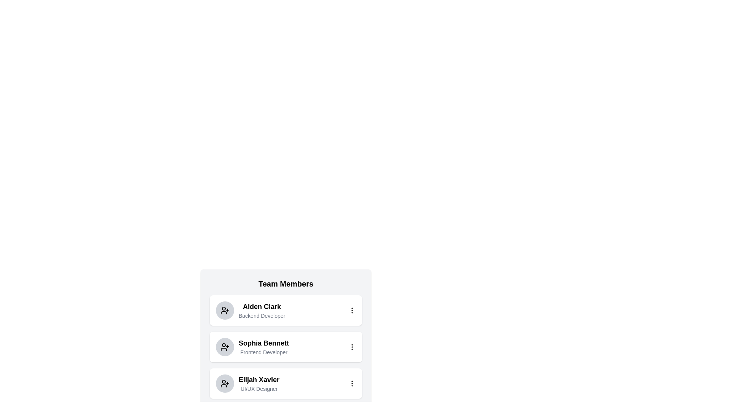  What do you see at coordinates (352, 347) in the screenshot?
I see `the menu icon button located at the top-right corner of the card labeled 'Sophia Bennett - Frontend Developer'` at bounding box center [352, 347].